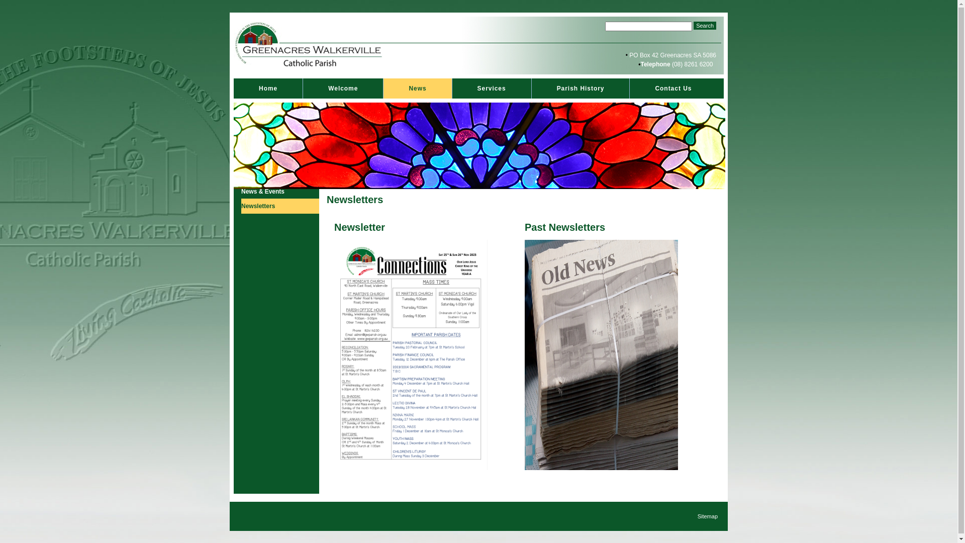 The image size is (965, 543). What do you see at coordinates (707, 516) in the screenshot?
I see `'Sitemap'` at bounding box center [707, 516].